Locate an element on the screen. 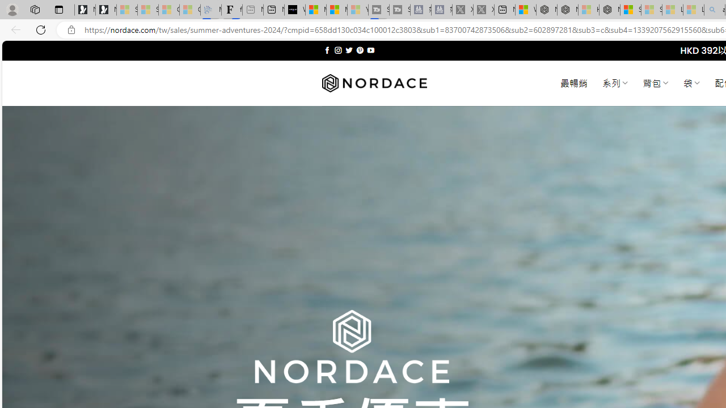 This screenshot has height=408, width=726. 'Follow on Twitter' is located at coordinates (348, 50).